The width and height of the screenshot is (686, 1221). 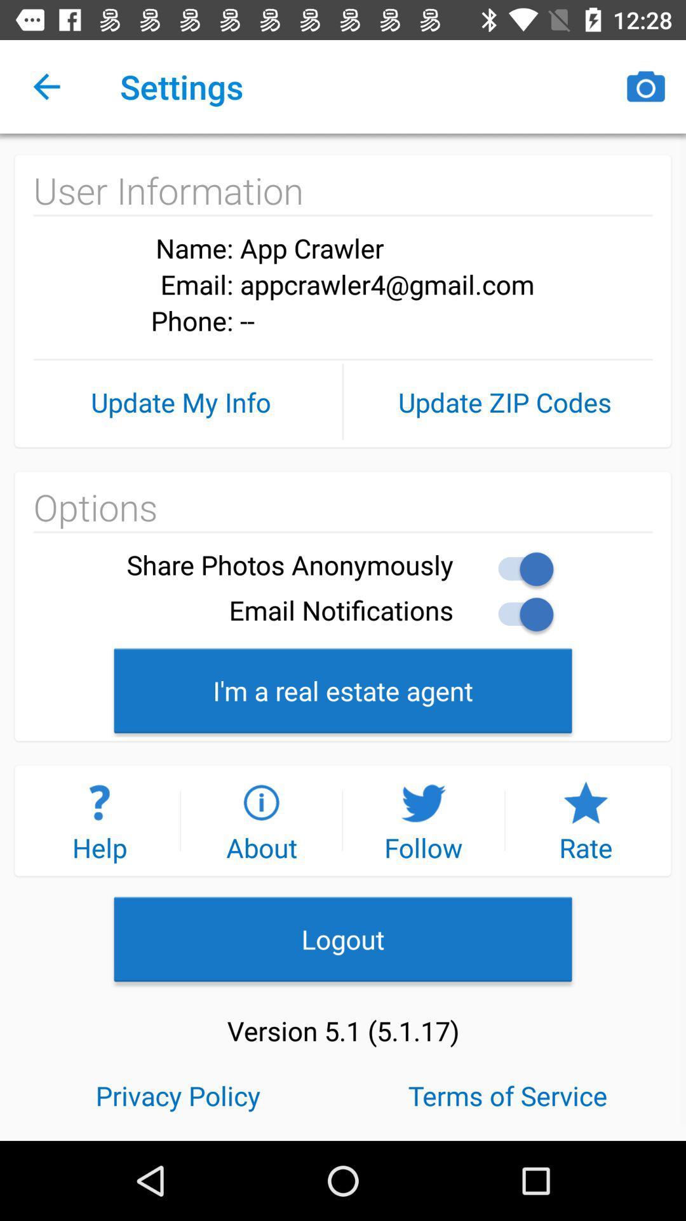 What do you see at coordinates (46, 86) in the screenshot?
I see `the icon next to settings item` at bounding box center [46, 86].